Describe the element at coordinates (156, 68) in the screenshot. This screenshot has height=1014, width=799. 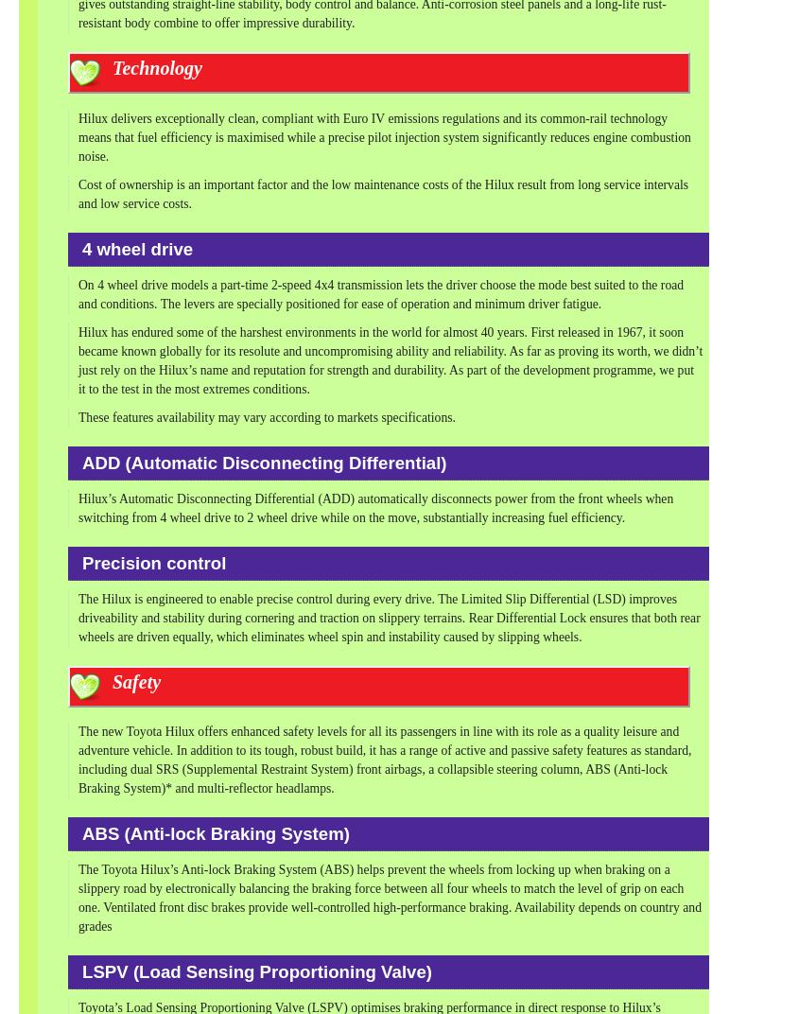
I see `'Technology'` at that location.